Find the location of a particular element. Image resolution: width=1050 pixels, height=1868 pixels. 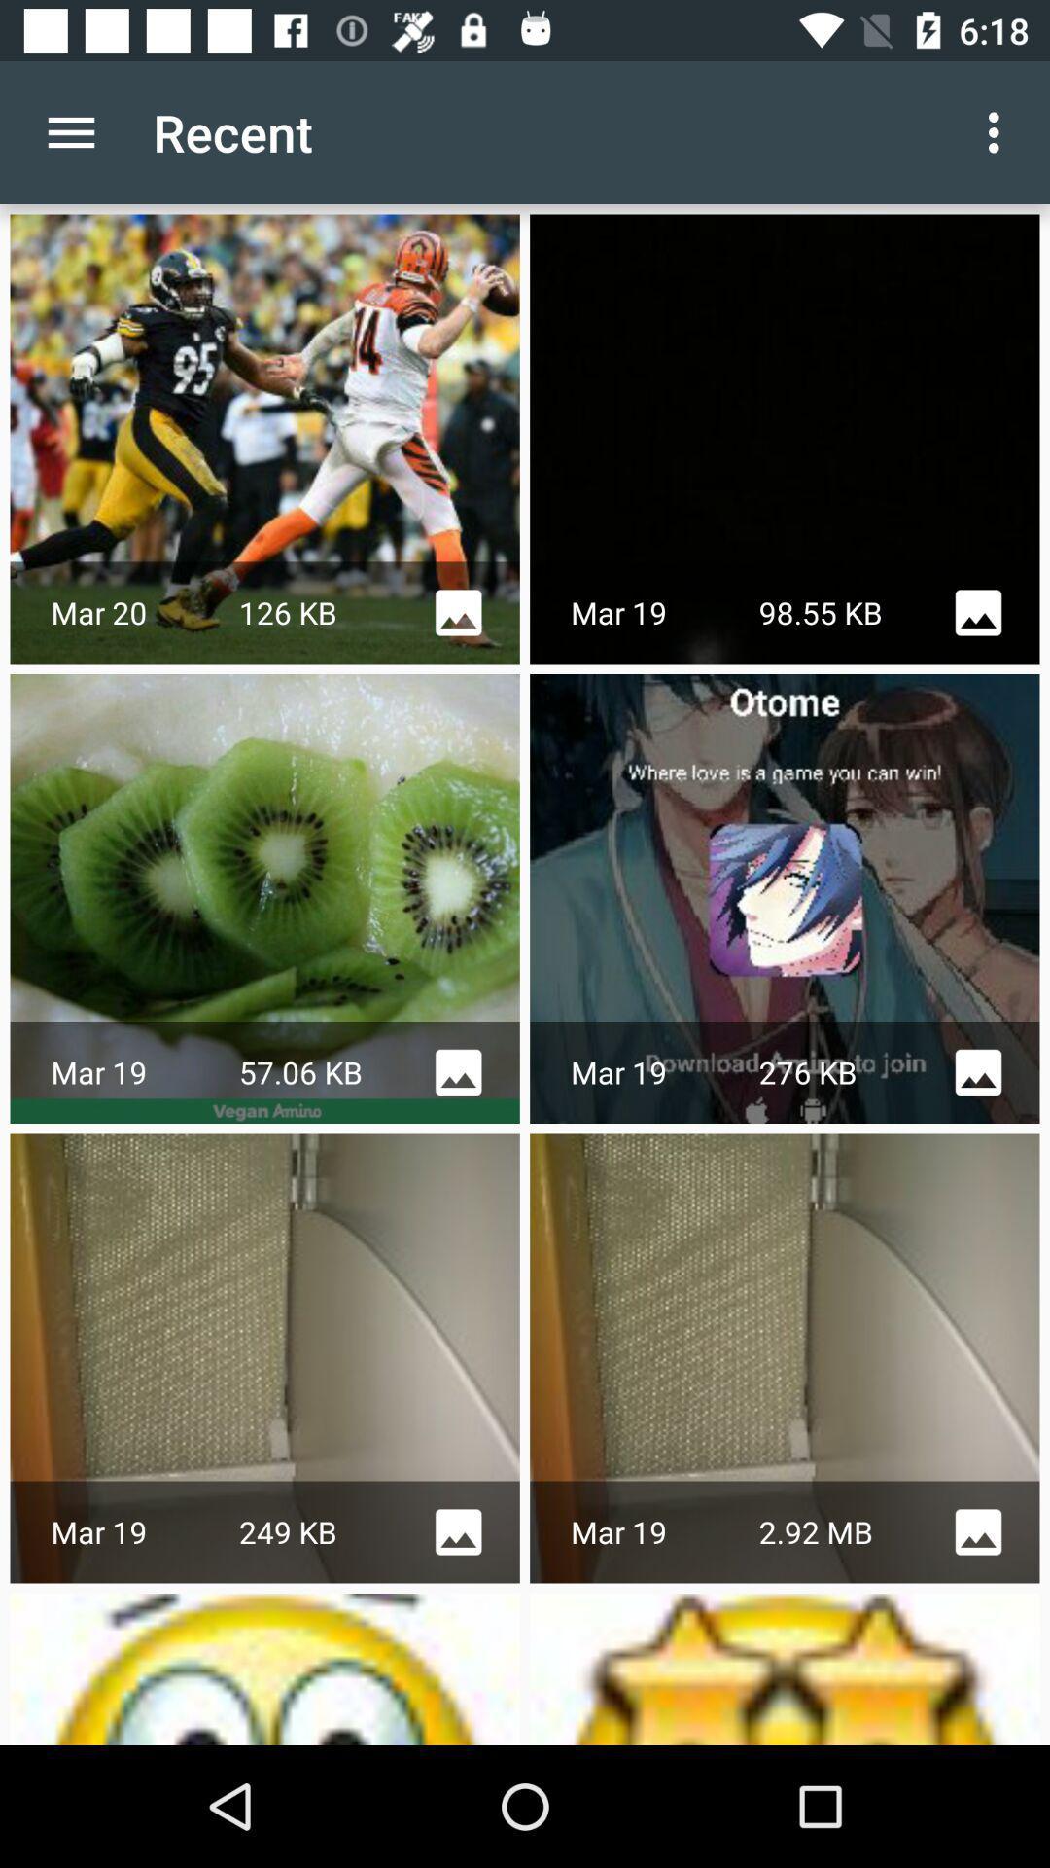

the app next to the recent icon is located at coordinates (70, 131).